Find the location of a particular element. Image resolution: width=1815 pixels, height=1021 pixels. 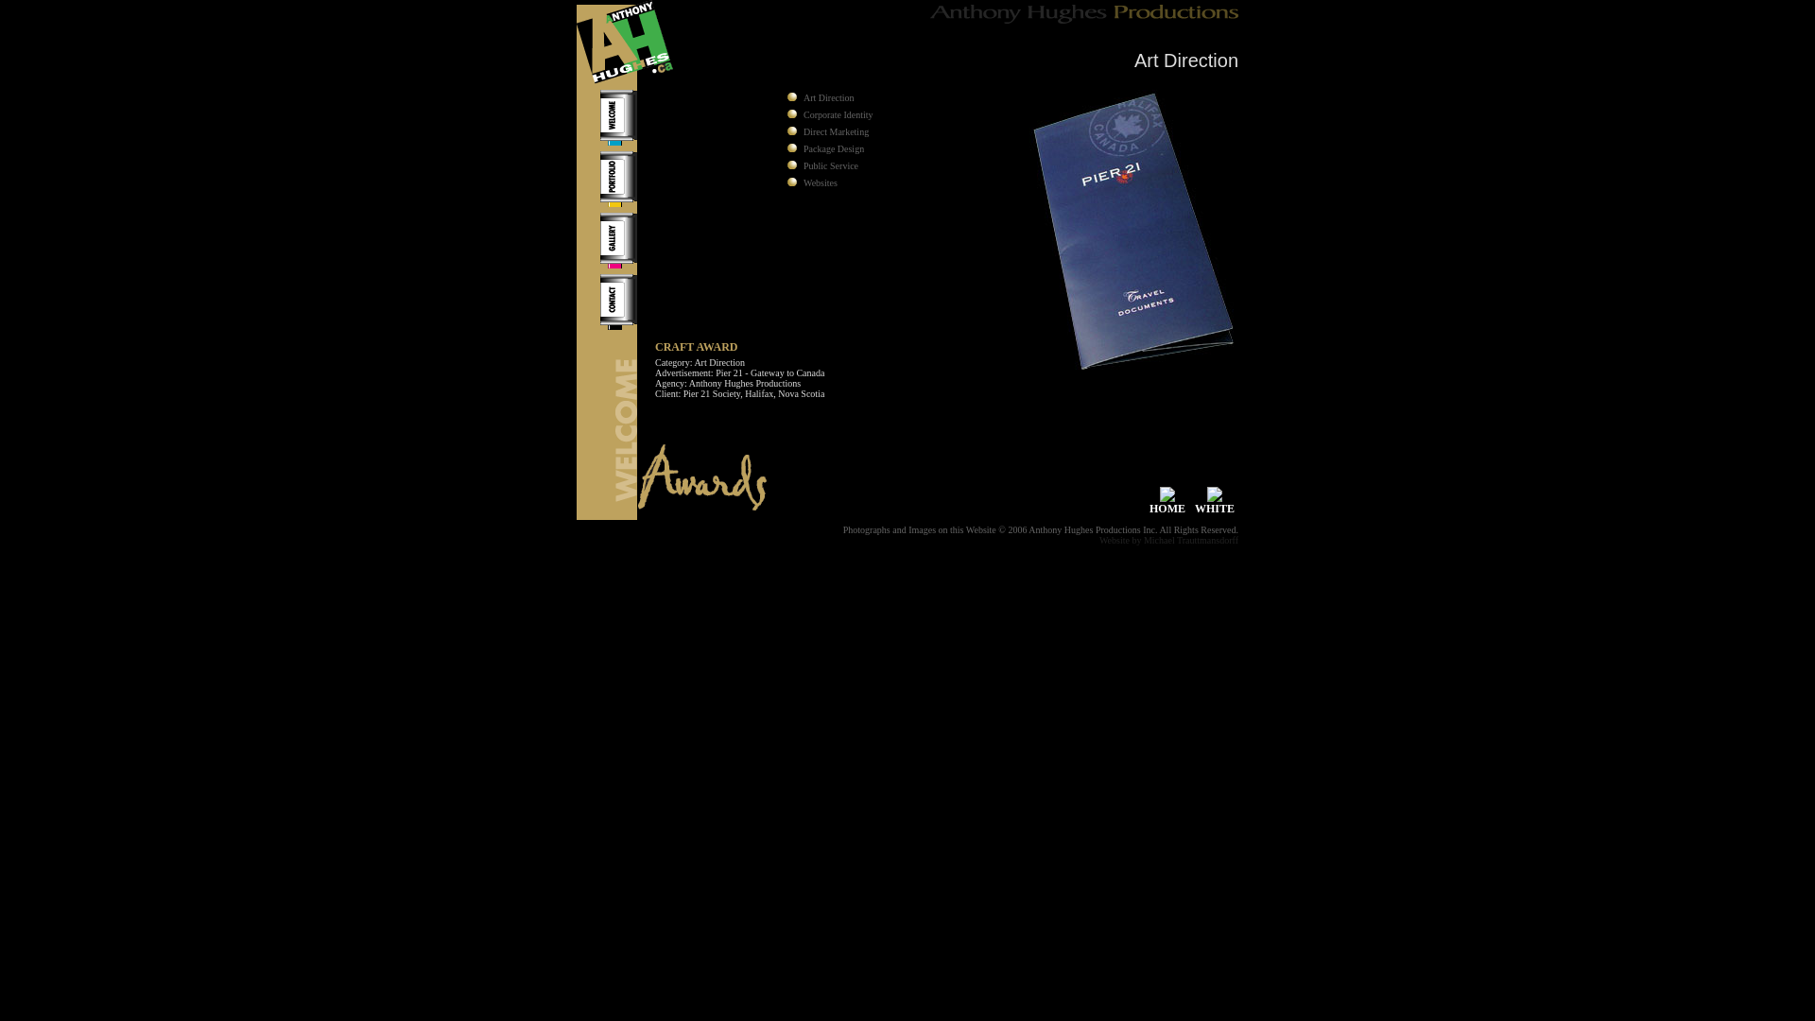

'Michael Trauttmansdorff' is located at coordinates (1189, 540).